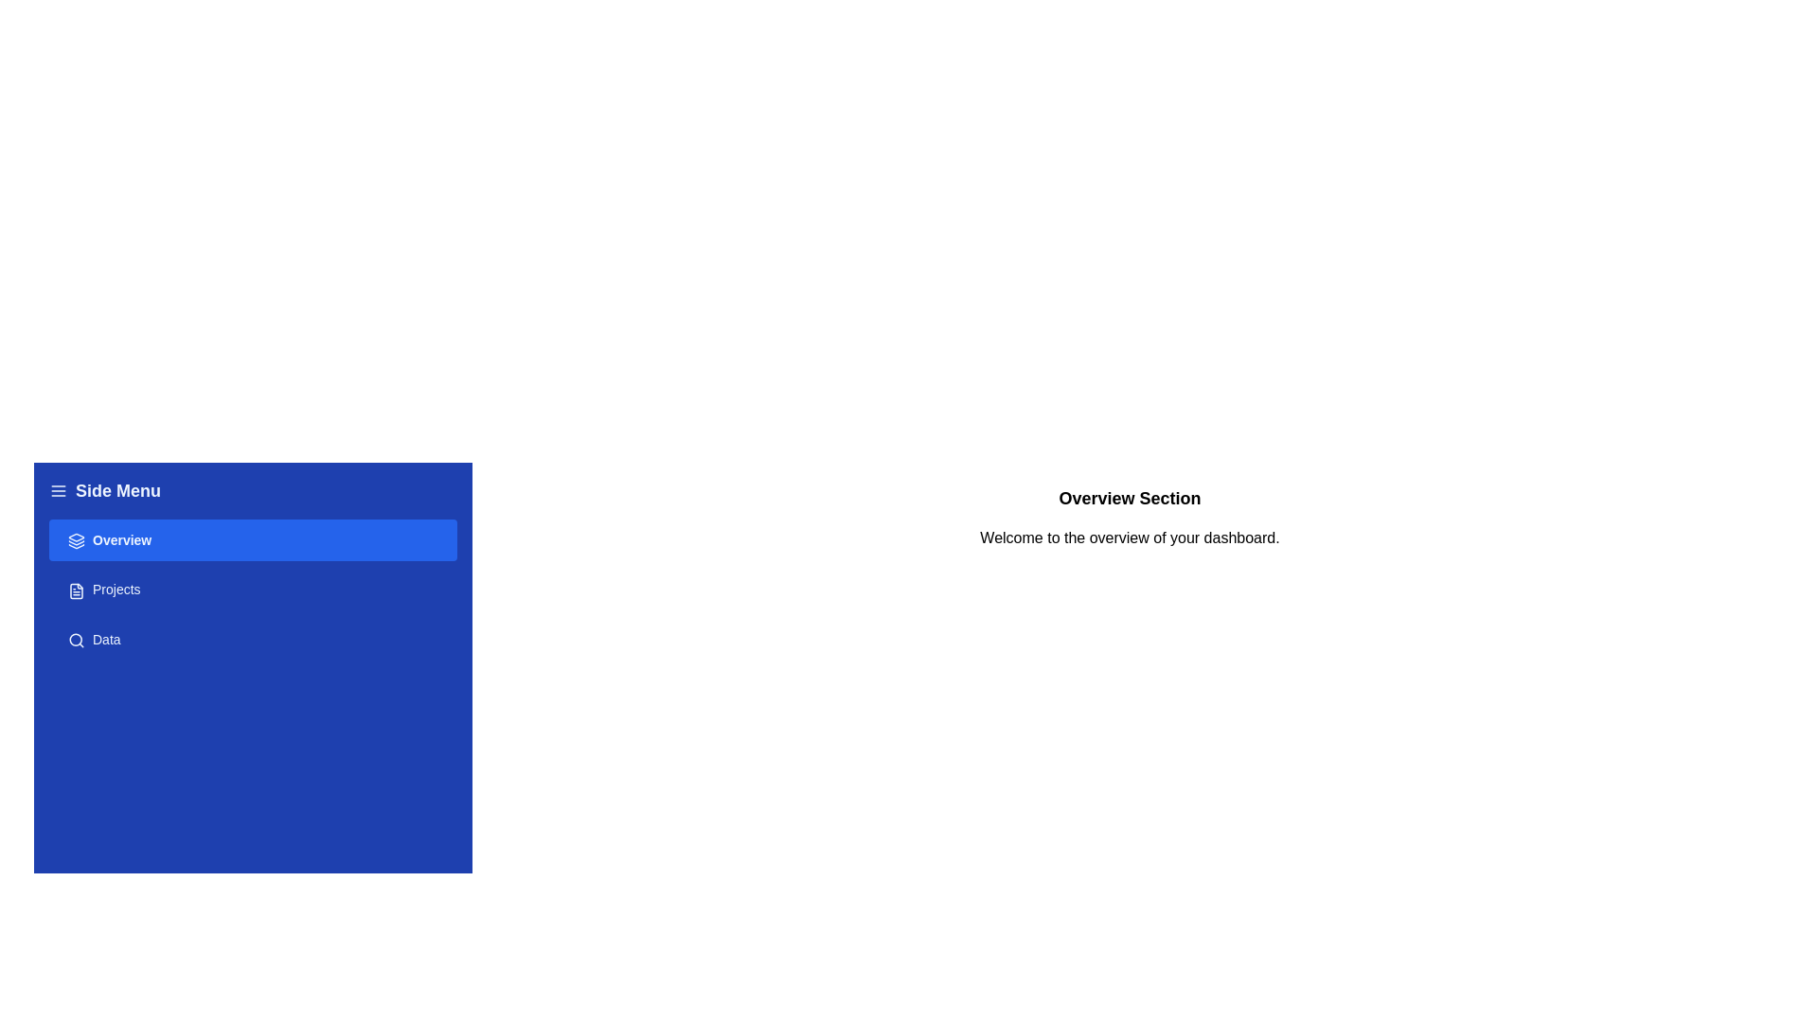  What do you see at coordinates (76, 590) in the screenshot?
I see `the small document icon with a white appearance and blue background, located under the 'Projects' label in the left-side menu` at bounding box center [76, 590].